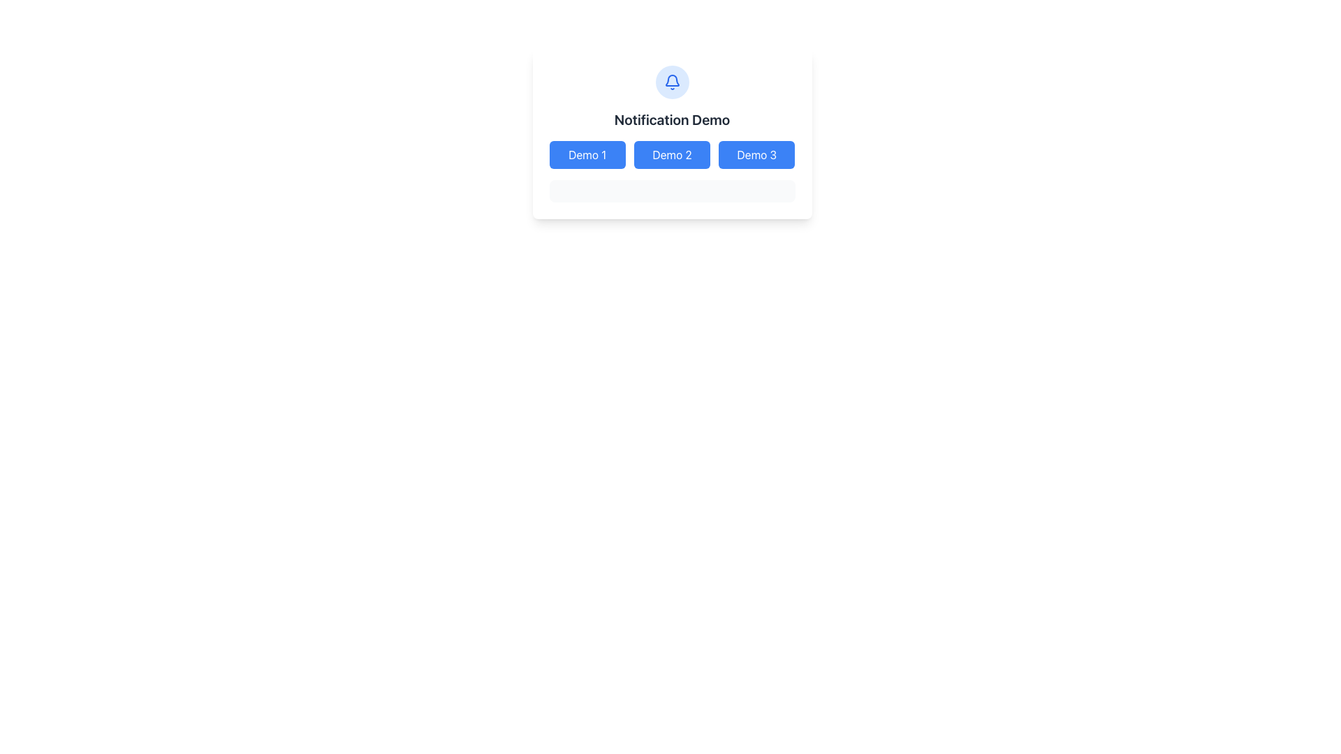 Image resolution: width=1341 pixels, height=754 pixels. What do you see at coordinates (587, 155) in the screenshot?
I see `the first blue button labeled 'Demo 1' to observe any hover effects` at bounding box center [587, 155].